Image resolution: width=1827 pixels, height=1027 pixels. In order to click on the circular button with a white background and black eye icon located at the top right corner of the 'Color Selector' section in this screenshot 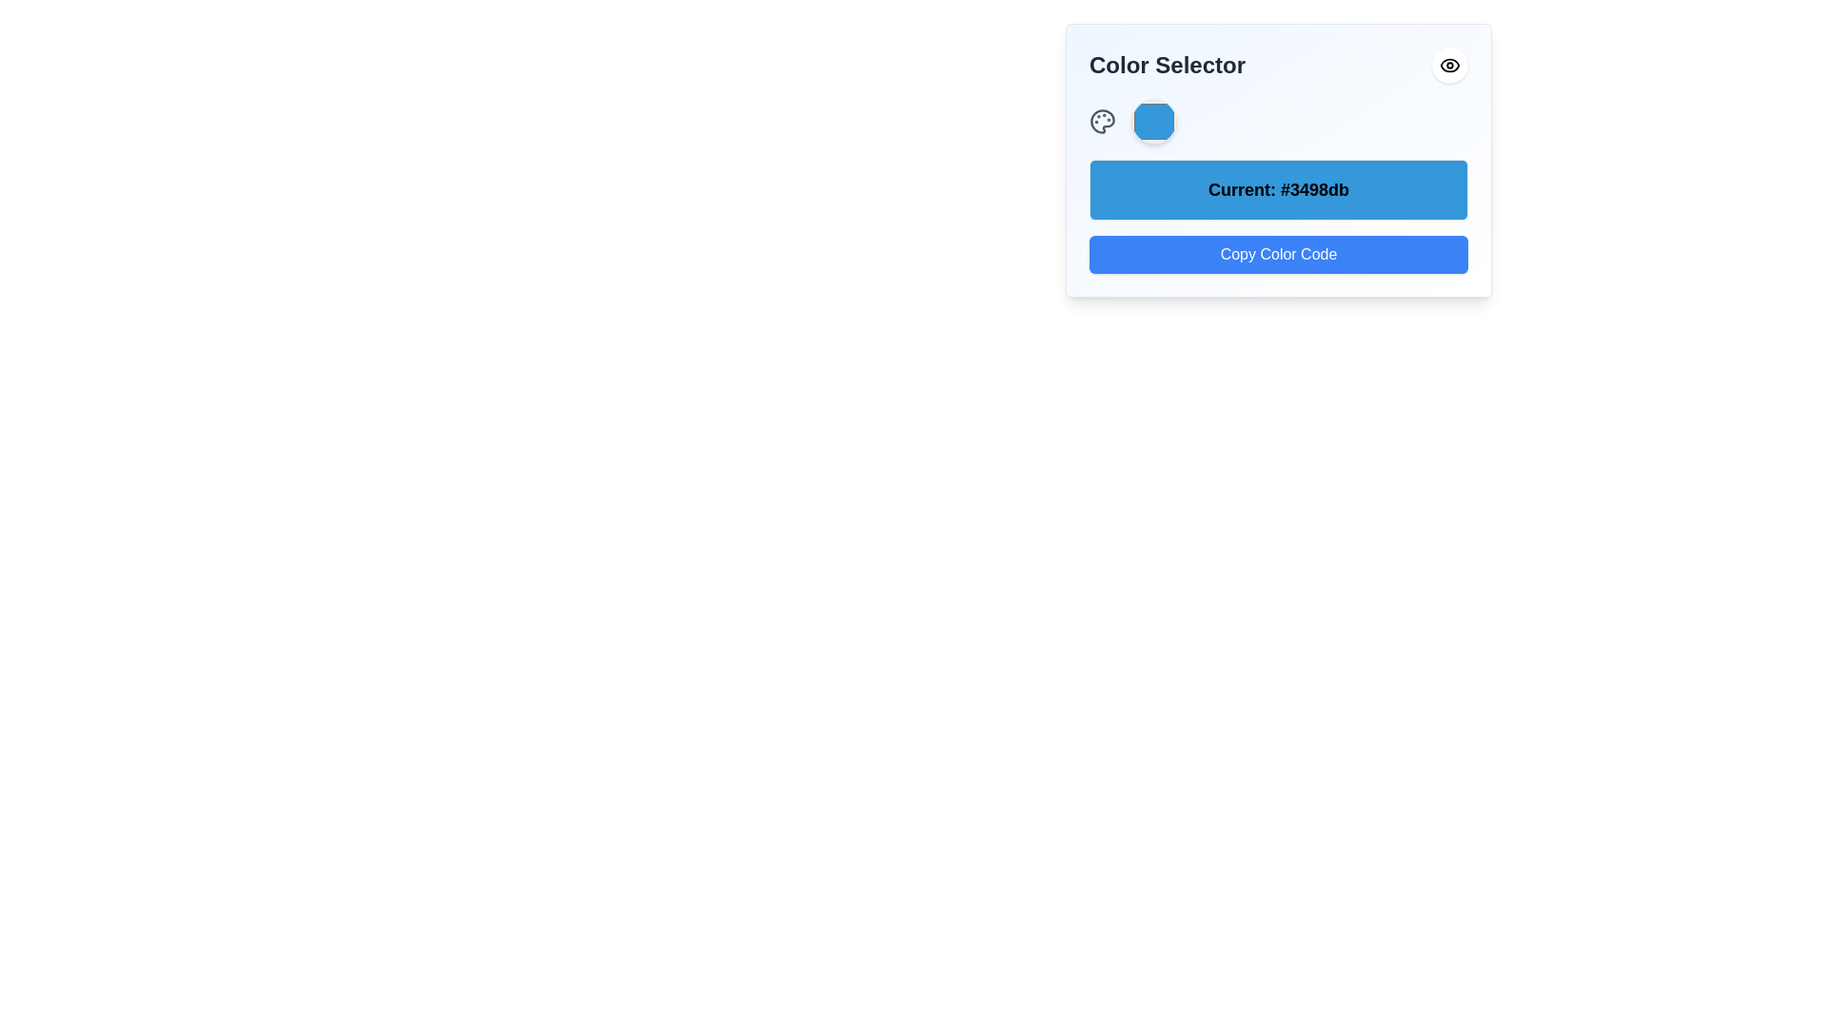, I will do `click(1448, 65)`.